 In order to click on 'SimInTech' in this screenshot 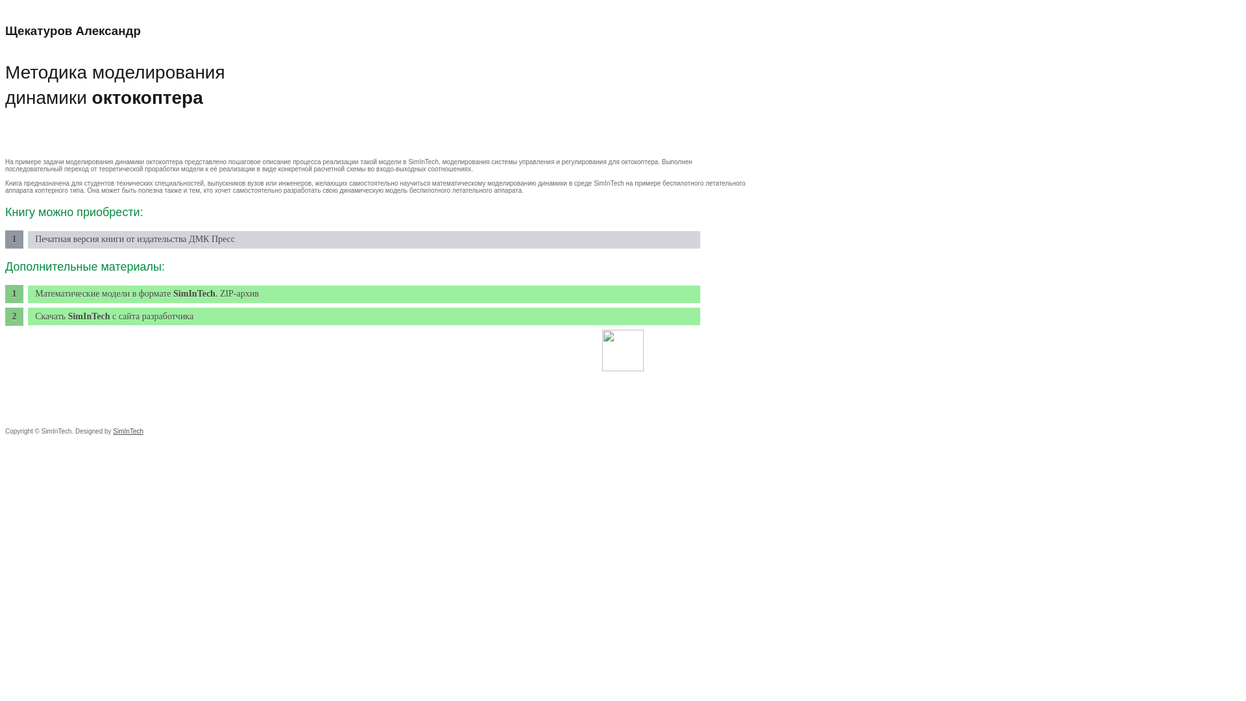, I will do `click(128, 431)`.